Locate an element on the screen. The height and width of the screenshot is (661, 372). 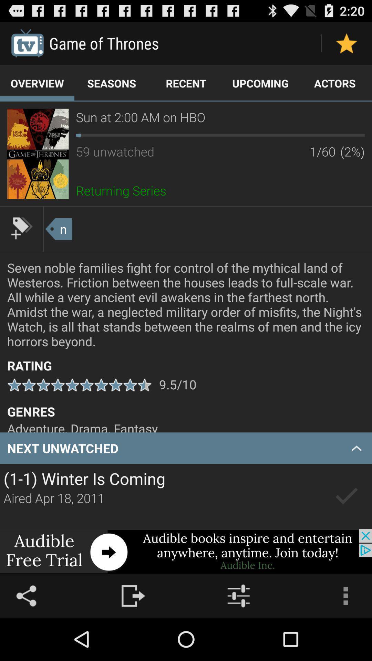
the tag another image is located at coordinates (21, 228).